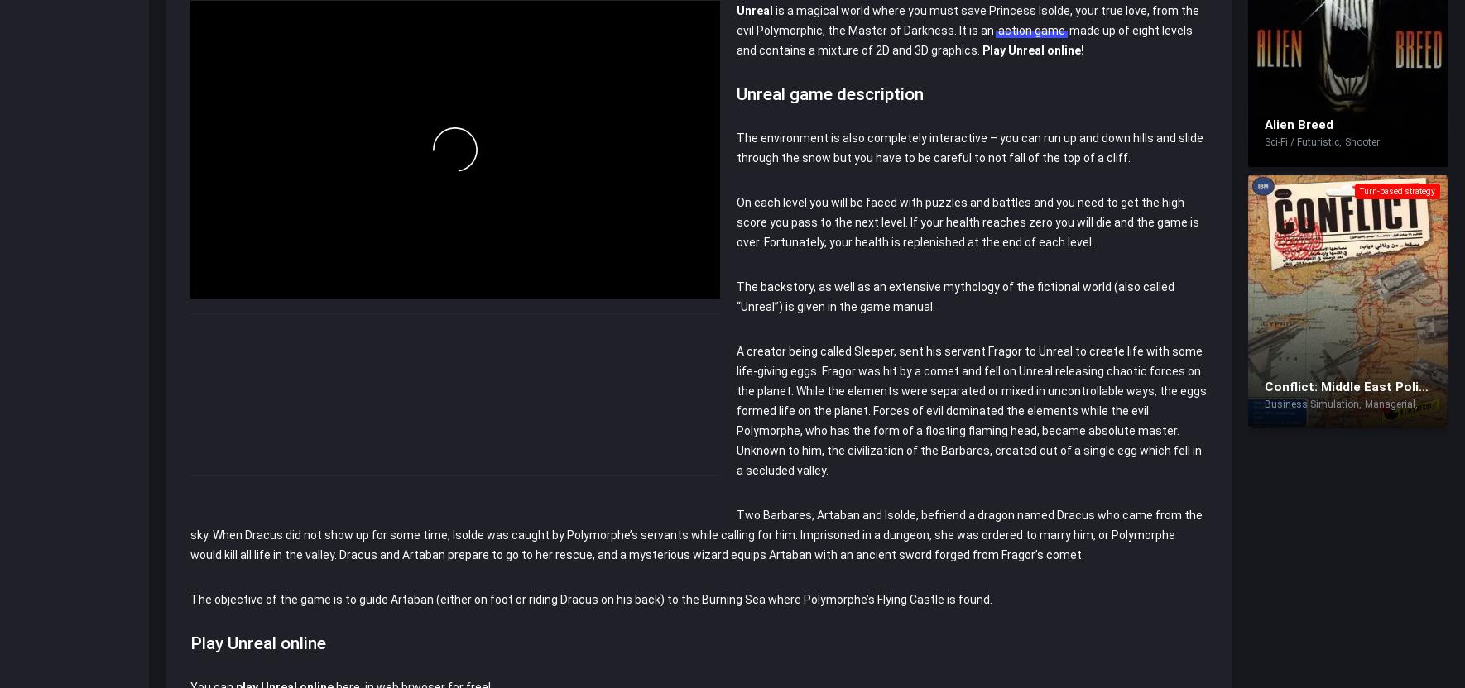 The height and width of the screenshot is (688, 1465). Describe the element at coordinates (1298, 125) in the screenshot. I see `'Alien Breed'` at that location.